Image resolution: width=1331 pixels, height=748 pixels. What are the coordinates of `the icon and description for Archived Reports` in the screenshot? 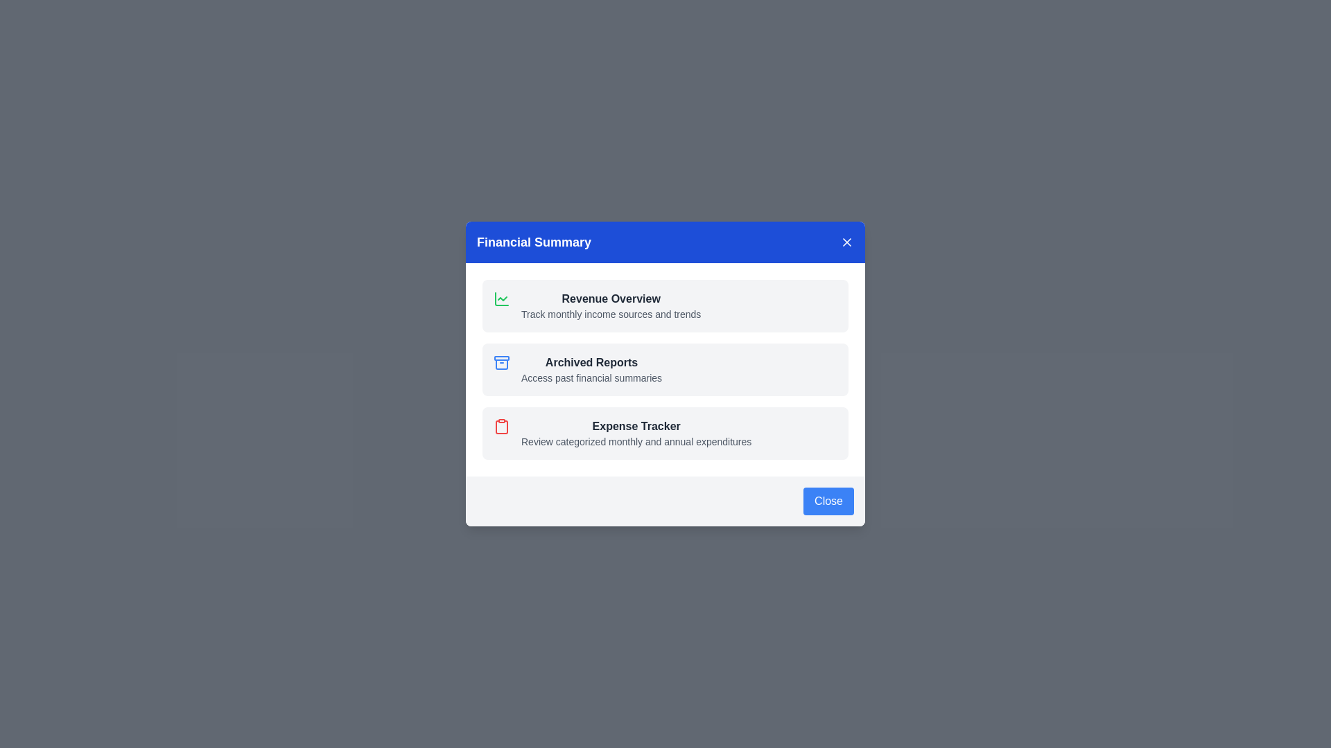 It's located at (501, 362).